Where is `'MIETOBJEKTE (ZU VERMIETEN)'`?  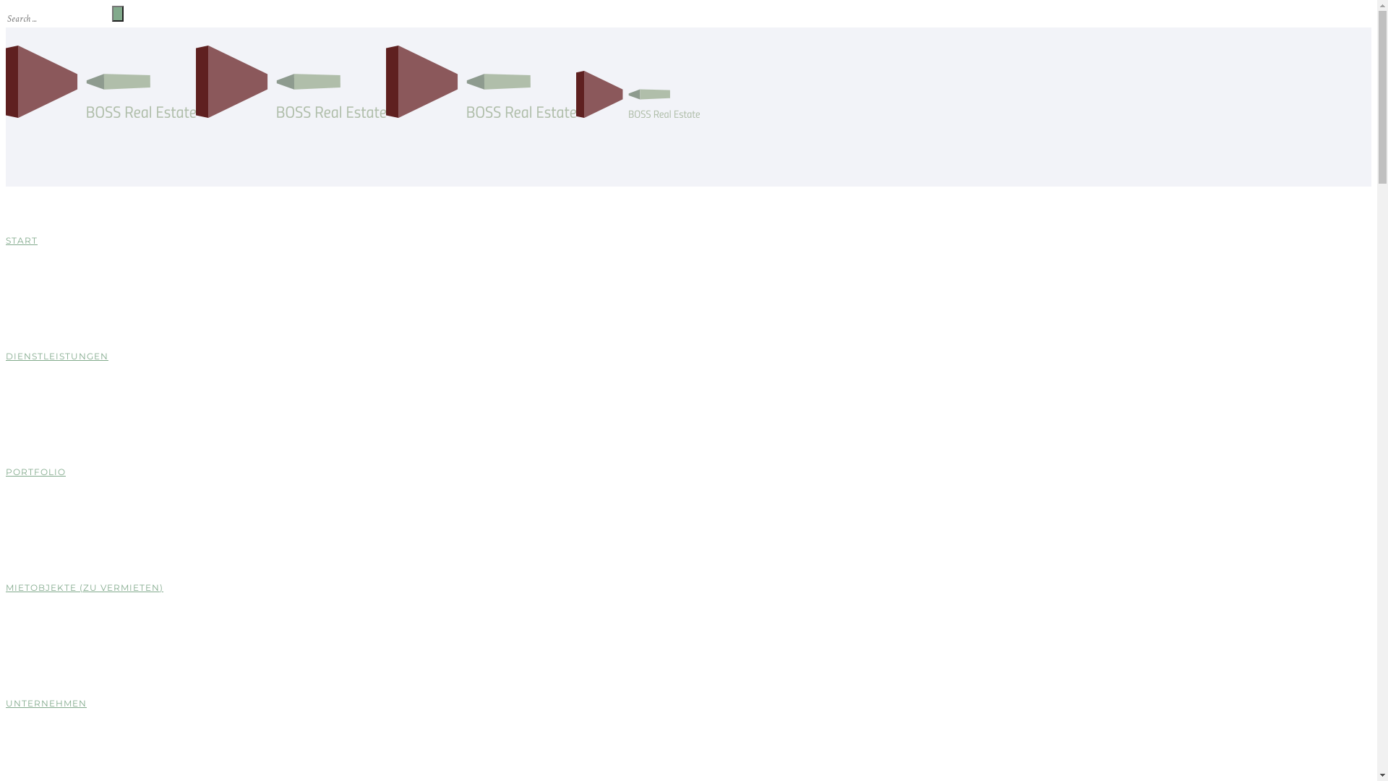 'MIETOBJEKTE (ZU VERMIETEN)' is located at coordinates (83, 587).